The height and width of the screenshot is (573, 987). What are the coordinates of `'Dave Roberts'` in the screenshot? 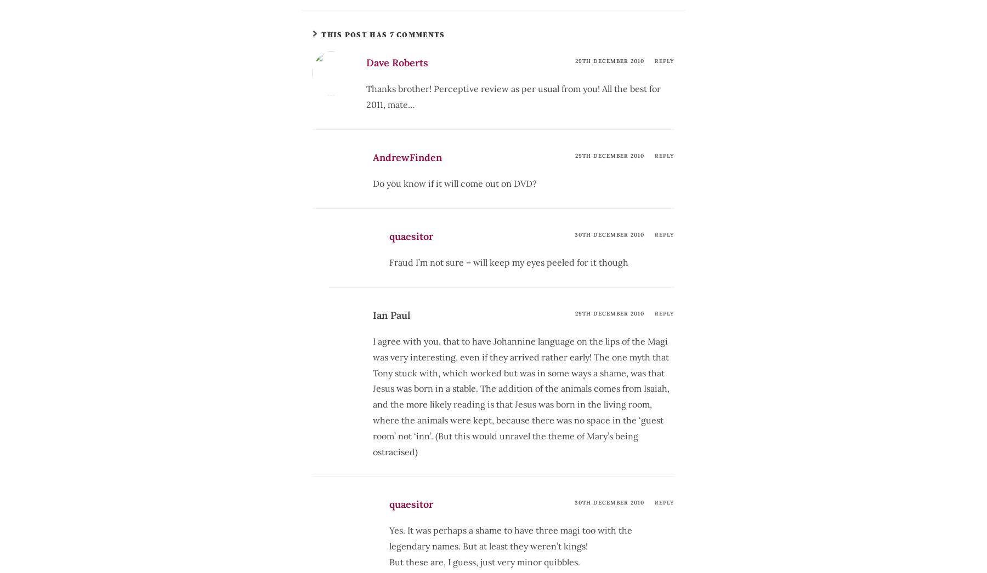 It's located at (366, 61).